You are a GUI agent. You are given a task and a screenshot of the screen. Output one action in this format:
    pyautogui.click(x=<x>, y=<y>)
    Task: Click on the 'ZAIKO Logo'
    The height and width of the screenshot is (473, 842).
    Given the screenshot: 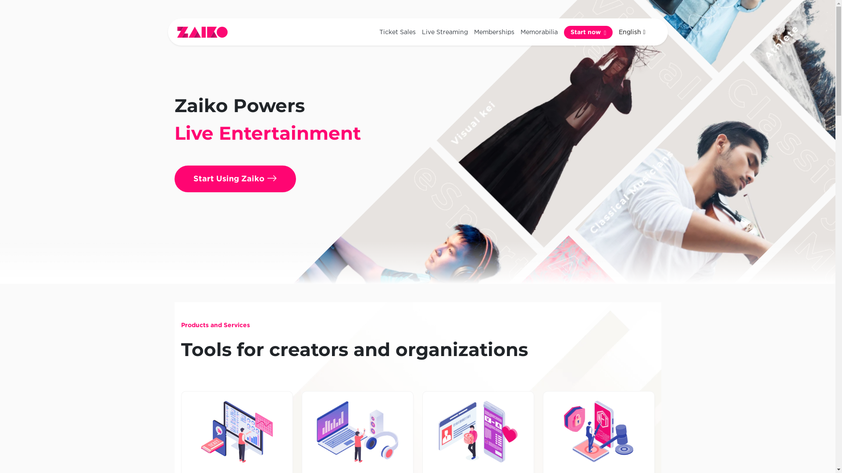 What is the action you would take?
    pyautogui.click(x=176, y=32)
    